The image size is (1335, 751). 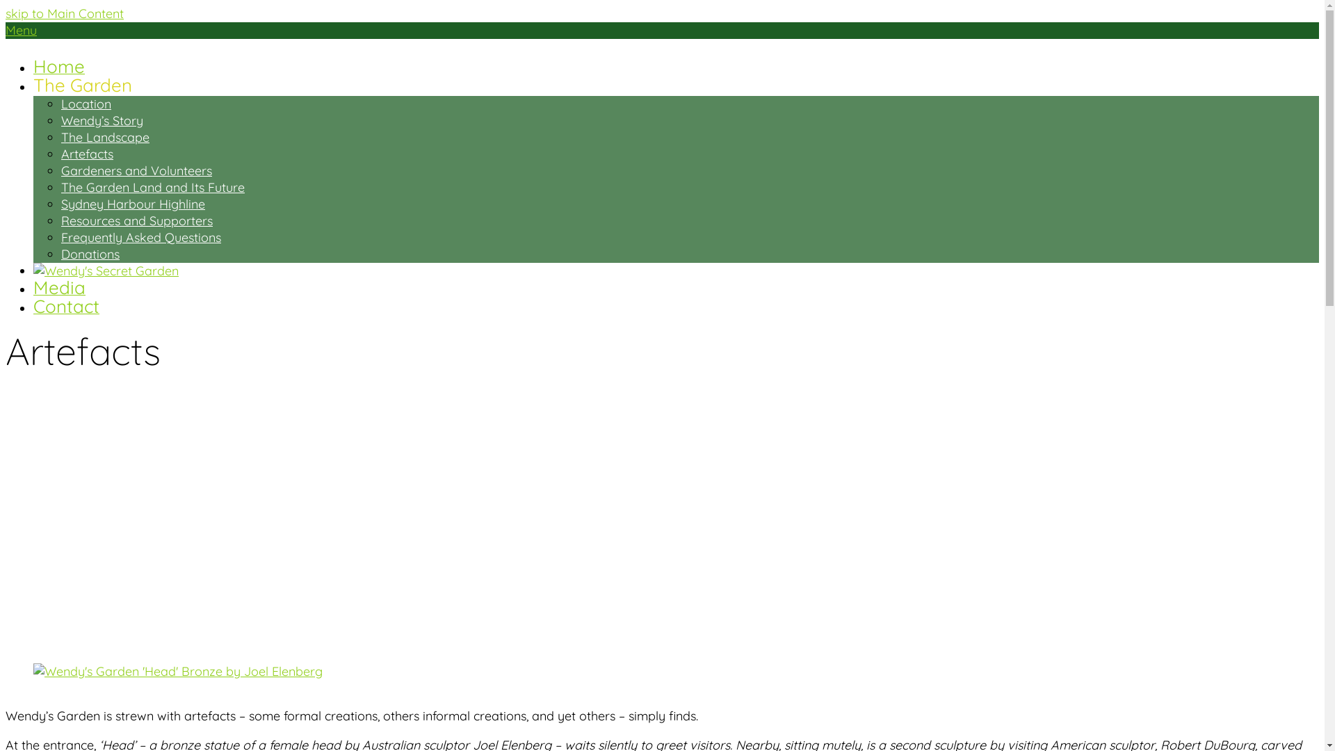 I want to click on 'Contact', so click(x=65, y=307).